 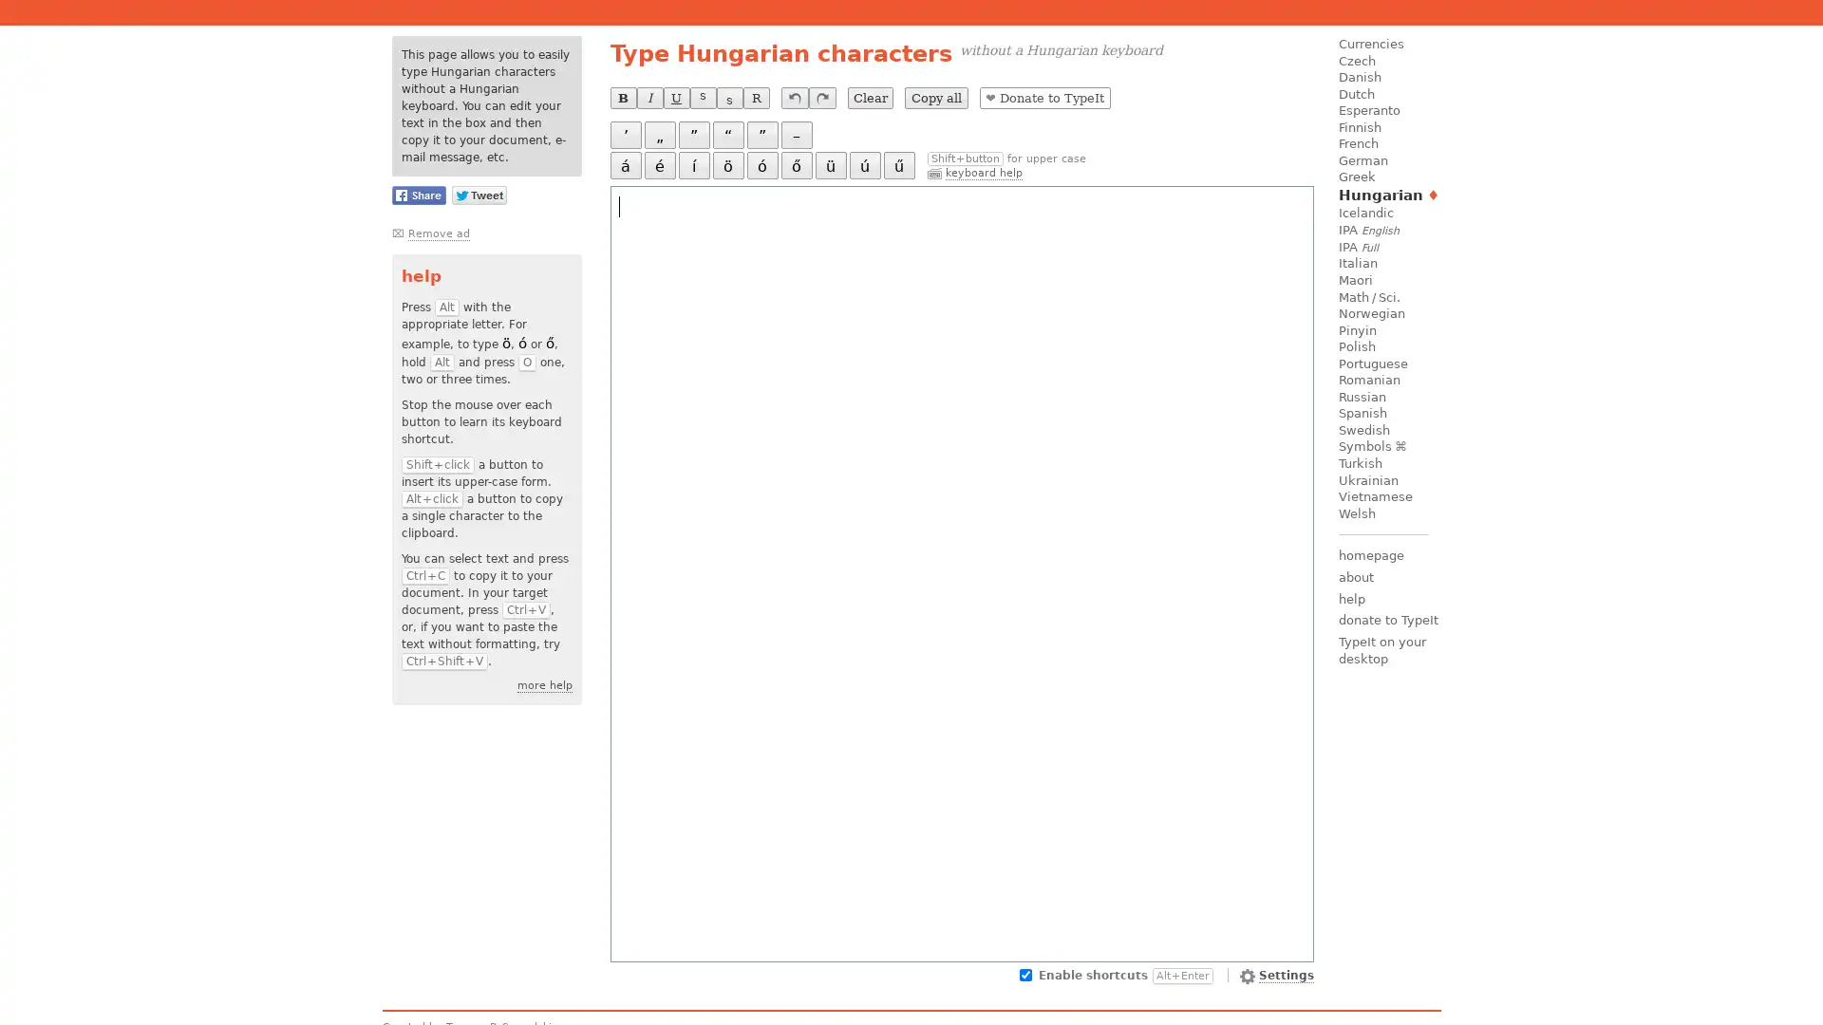 I want to click on I, so click(x=648, y=98).